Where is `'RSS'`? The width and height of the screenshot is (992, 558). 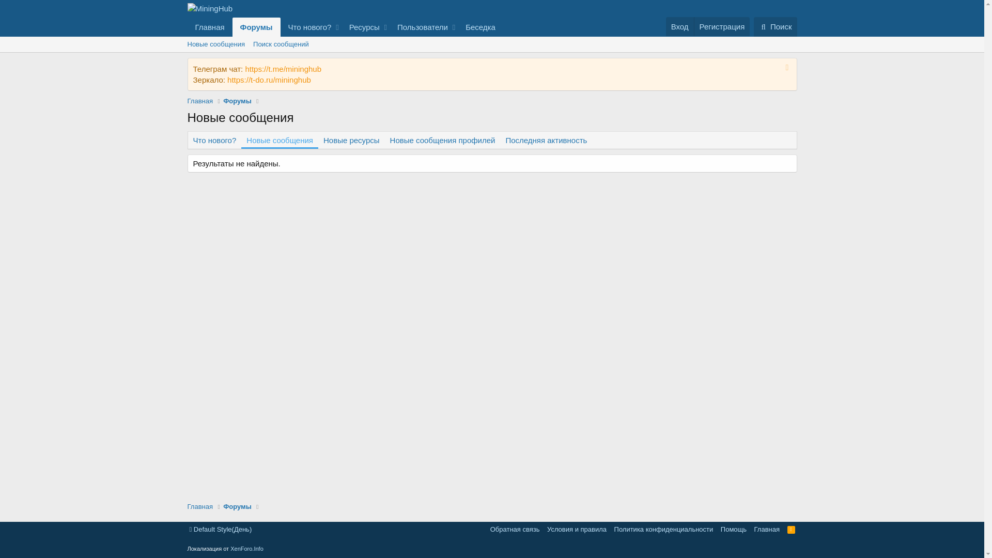
'RSS' is located at coordinates (791, 529).